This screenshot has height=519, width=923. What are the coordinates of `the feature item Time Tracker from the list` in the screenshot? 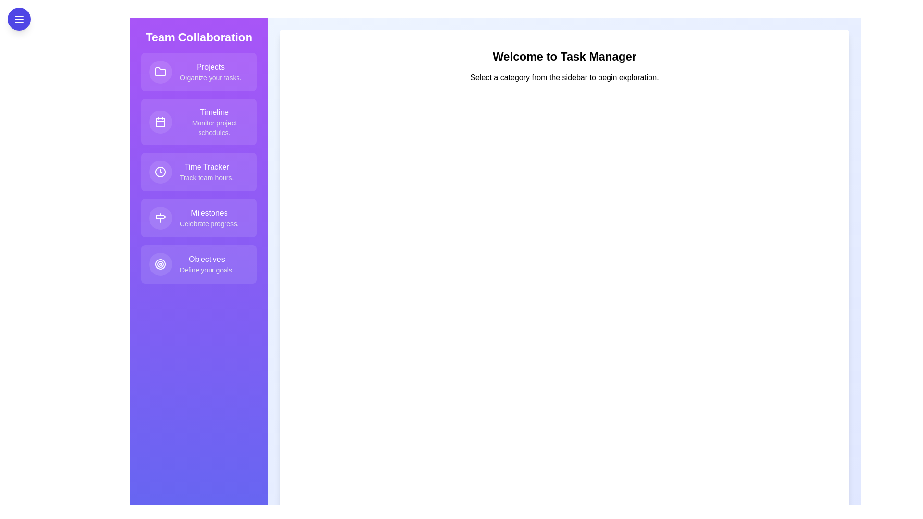 It's located at (198, 172).